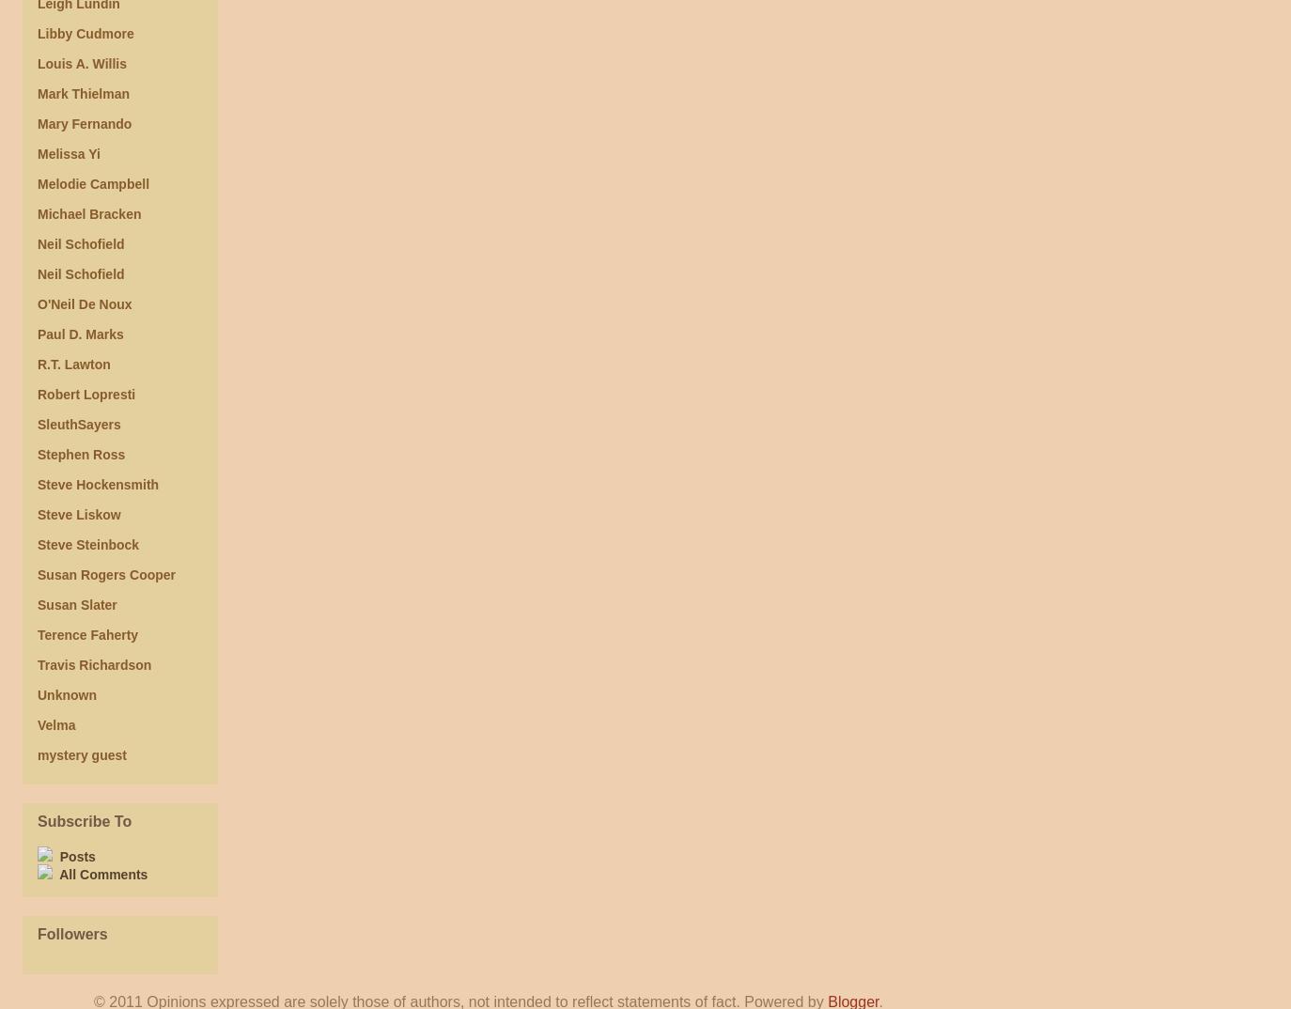 The image size is (1291, 1009). Describe the element at coordinates (67, 153) in the screenshot. I see `'Melissa Yi'` at that location.